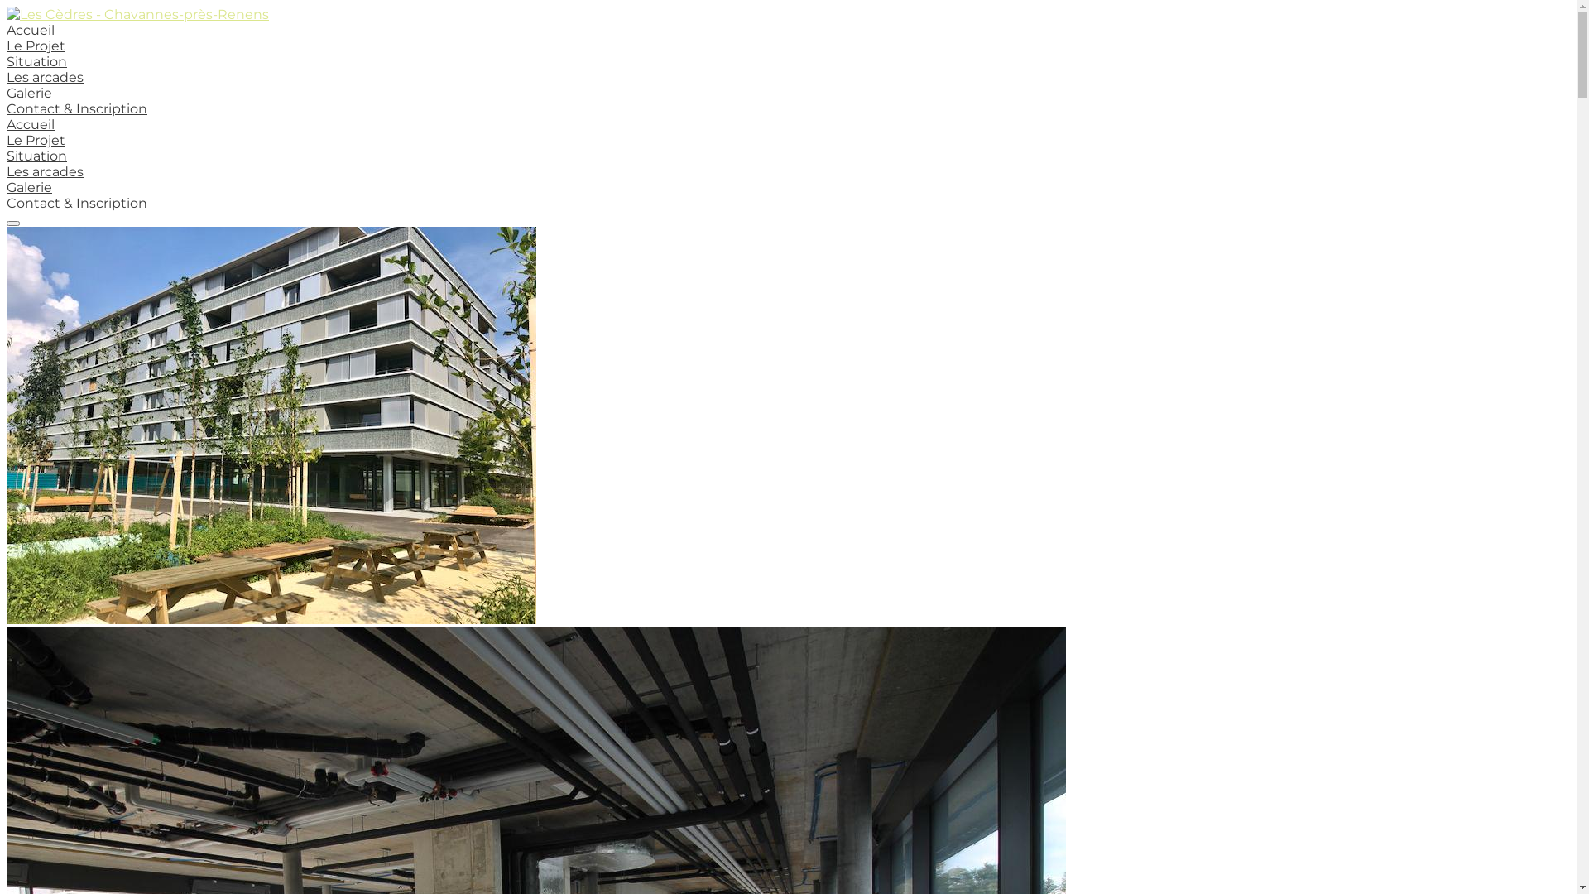 This screenshot has height=894, width=1589. What do you see at coordinates (75, 202) in the screenshot?
I see `'Contact & Inscription'` at bounding box center [75, 202].